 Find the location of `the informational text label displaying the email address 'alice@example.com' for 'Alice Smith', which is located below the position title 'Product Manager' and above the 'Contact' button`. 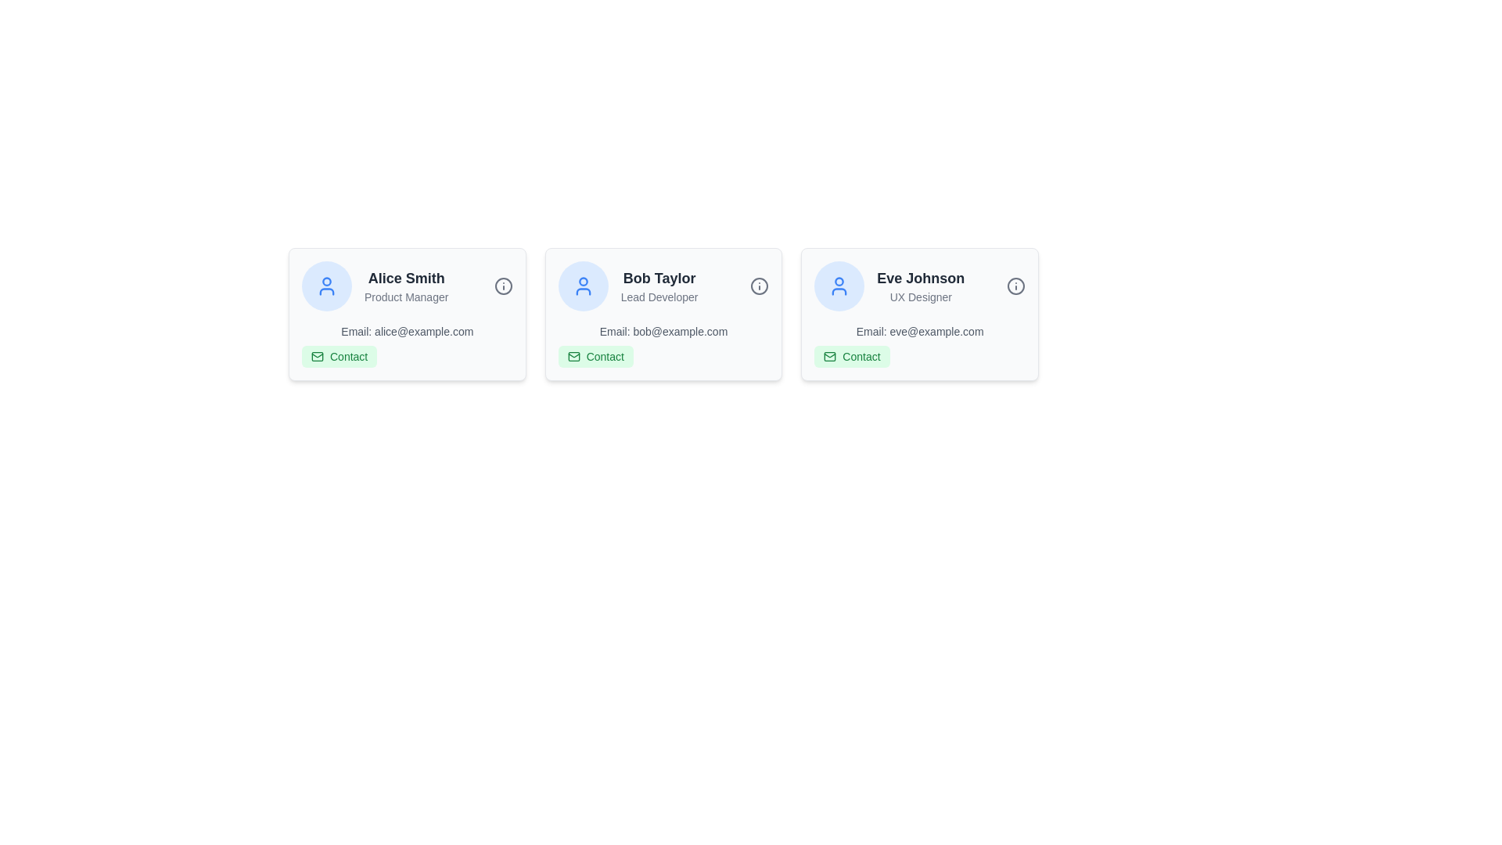

the informational text label displaying the email address 'alice@example.com' for 'Alice Smith', which is located below the position title 'Product Manager' and above the 'Contact' button is located at coordinates (407, 331).